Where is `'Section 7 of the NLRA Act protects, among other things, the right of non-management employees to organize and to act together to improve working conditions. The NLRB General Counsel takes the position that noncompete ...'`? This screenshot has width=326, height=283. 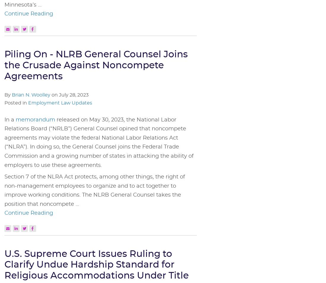
'Section 7 of the NLRA Act protects, among other things, the right of non-management employees to organize and to act together to improve working conditions. The NLRB General Counsel takes the position that noncompete ...' is located at coordinates (94, 190).